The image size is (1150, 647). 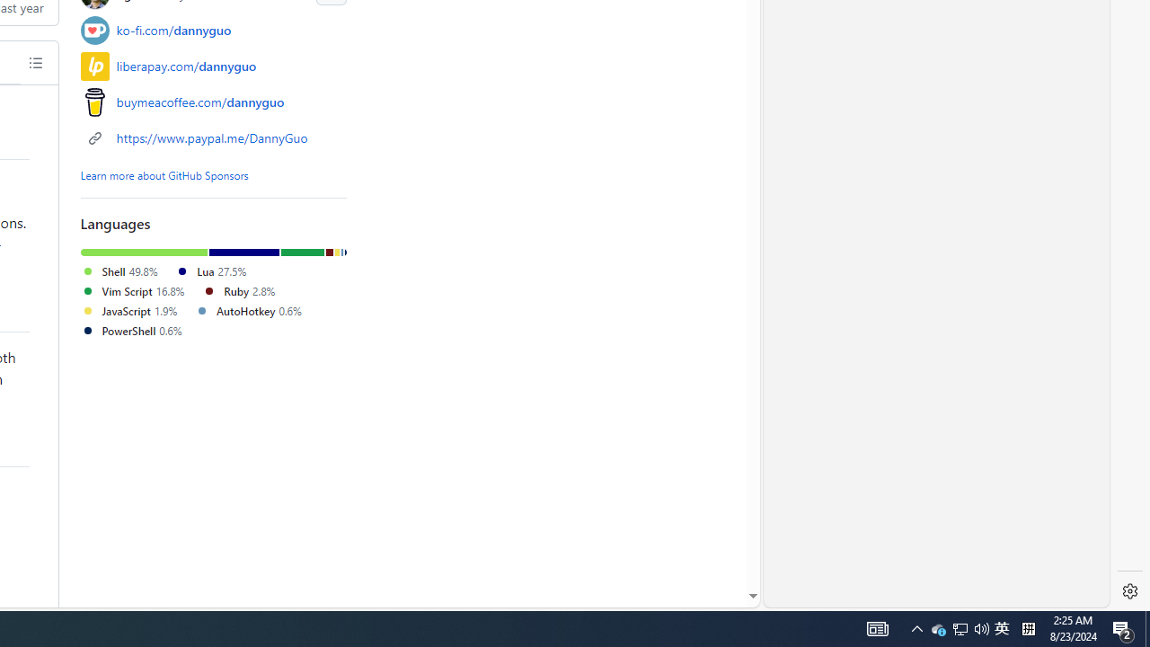 I want to click on 'ko_fi', so click(x=93, y=30).